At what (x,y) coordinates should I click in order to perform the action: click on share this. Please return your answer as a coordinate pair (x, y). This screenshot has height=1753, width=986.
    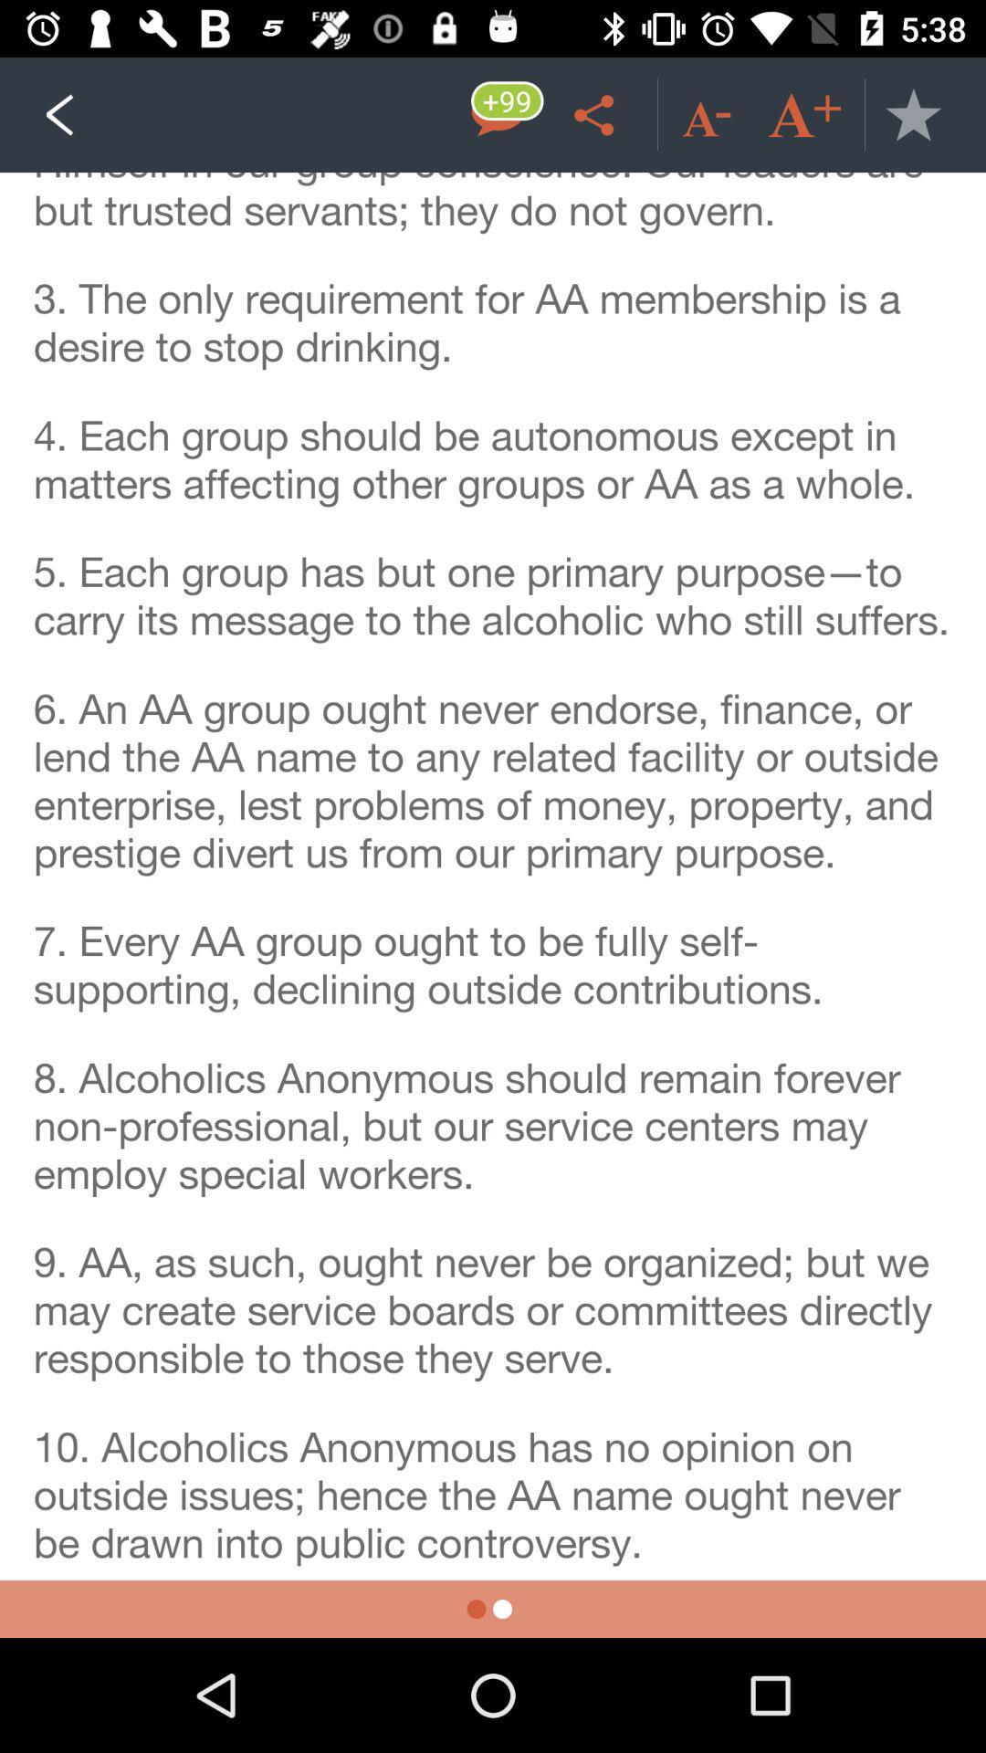
    Looking at the image, I should click on (597, 113).